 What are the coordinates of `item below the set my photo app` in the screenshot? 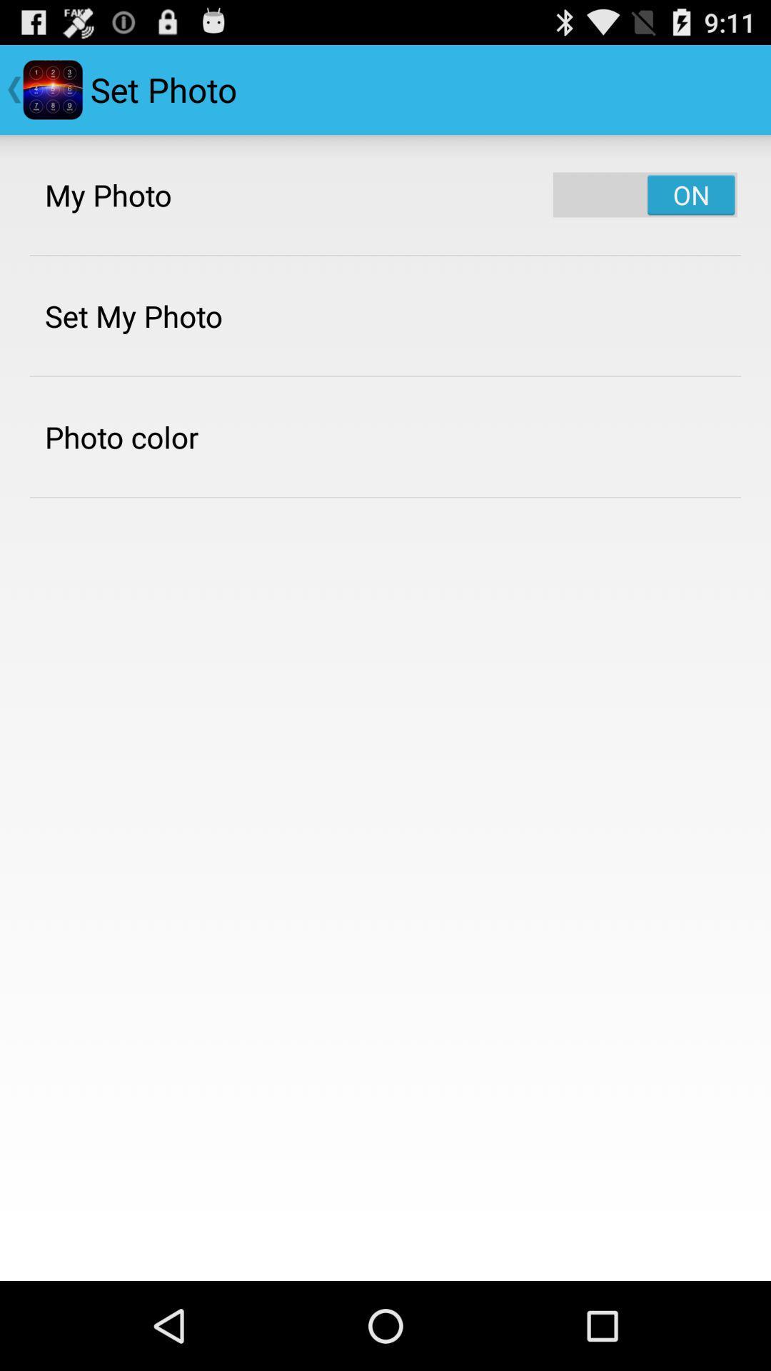 It's located at (121, 436).